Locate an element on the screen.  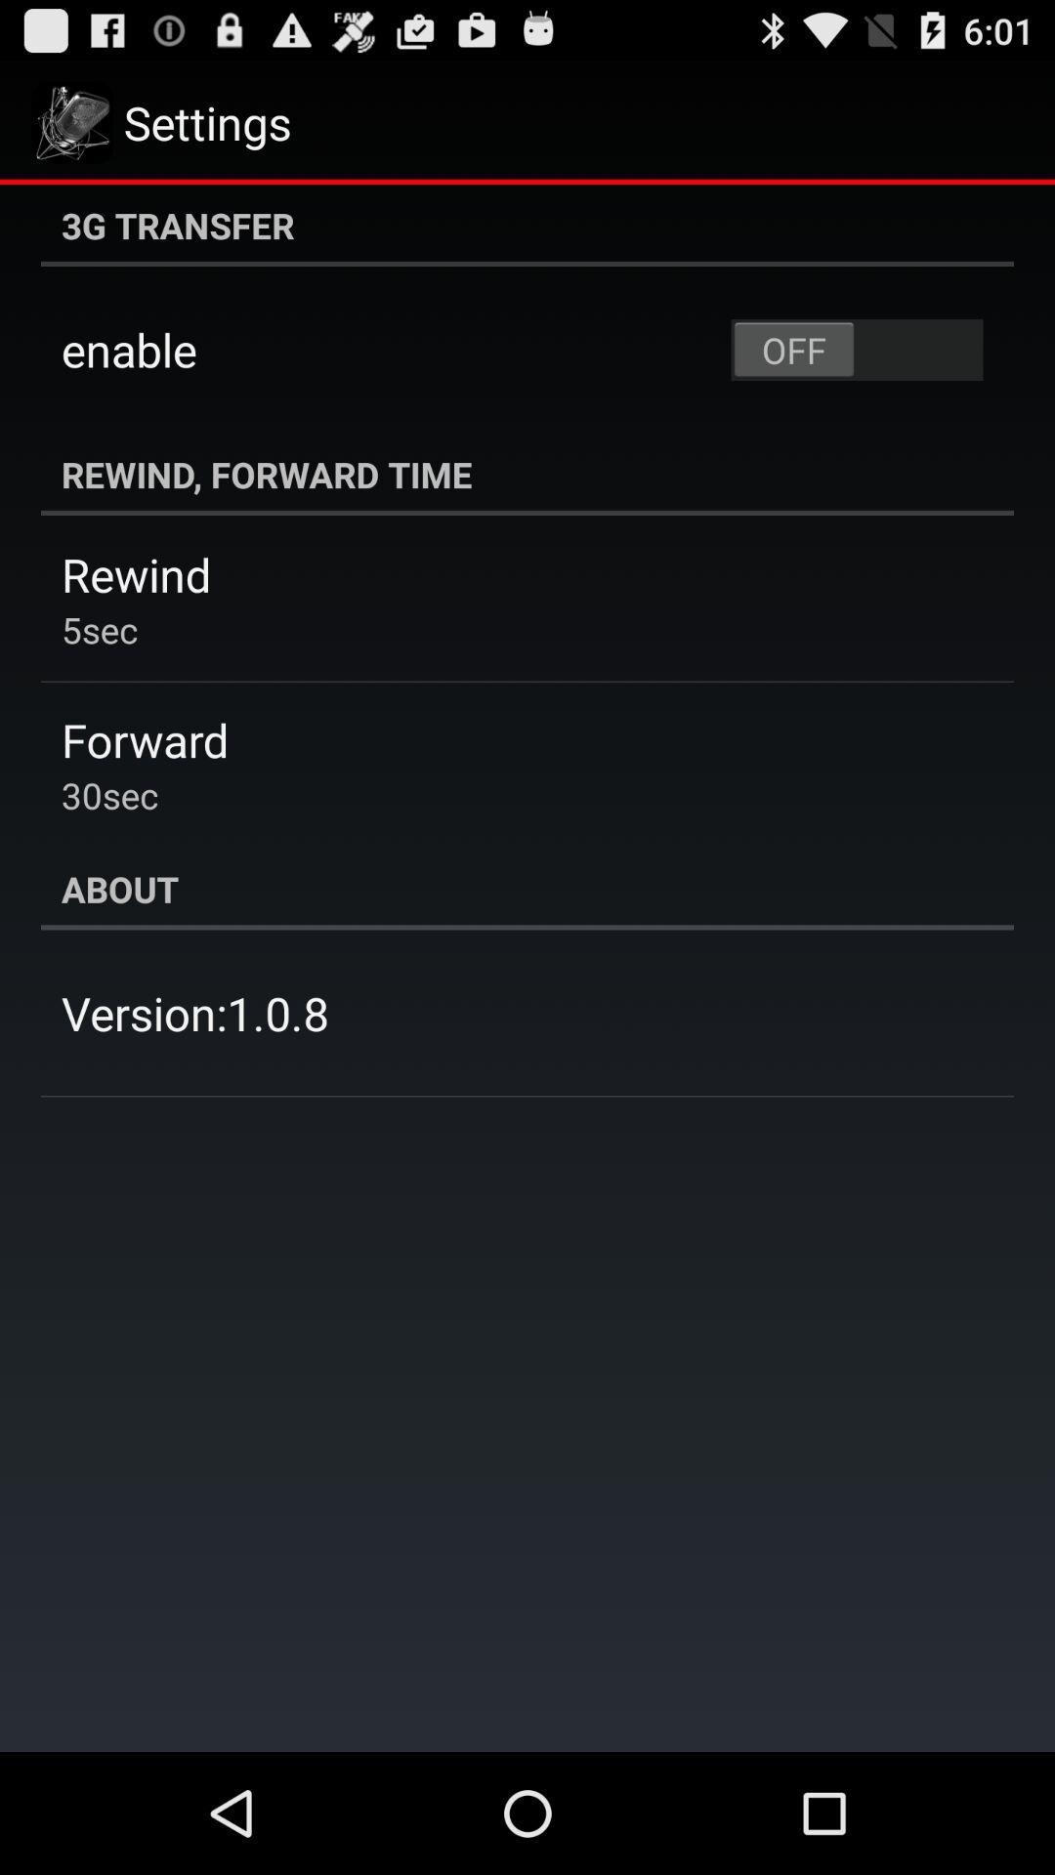
3g transfer icon is located at coordinates (527, 225).